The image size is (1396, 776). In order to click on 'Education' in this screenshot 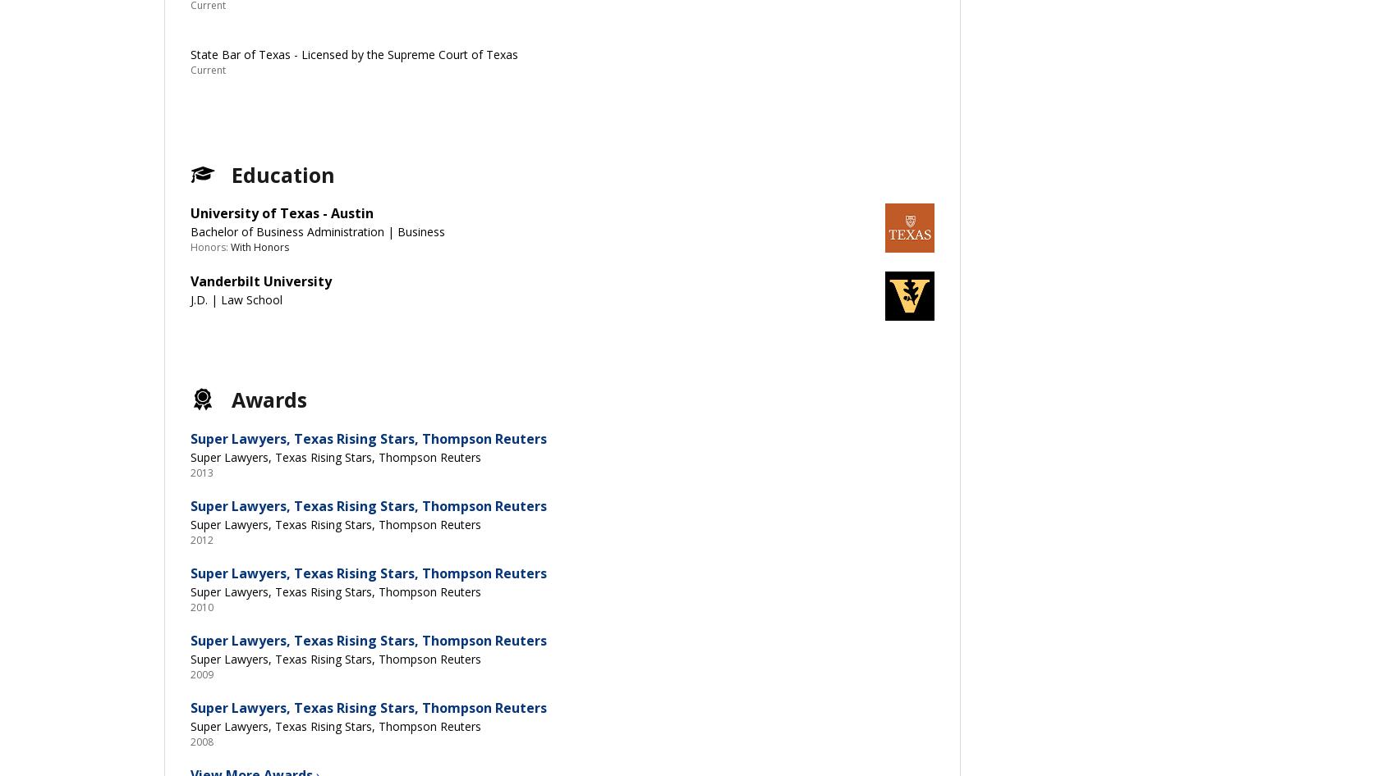, I will do `click(282, 173)`.